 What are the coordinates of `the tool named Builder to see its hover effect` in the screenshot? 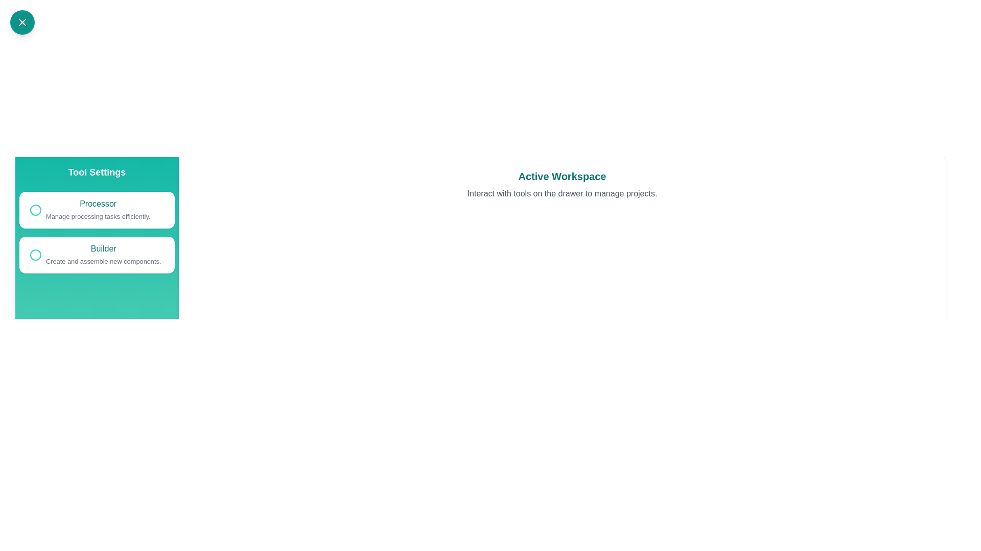 It's located at (97, 255).